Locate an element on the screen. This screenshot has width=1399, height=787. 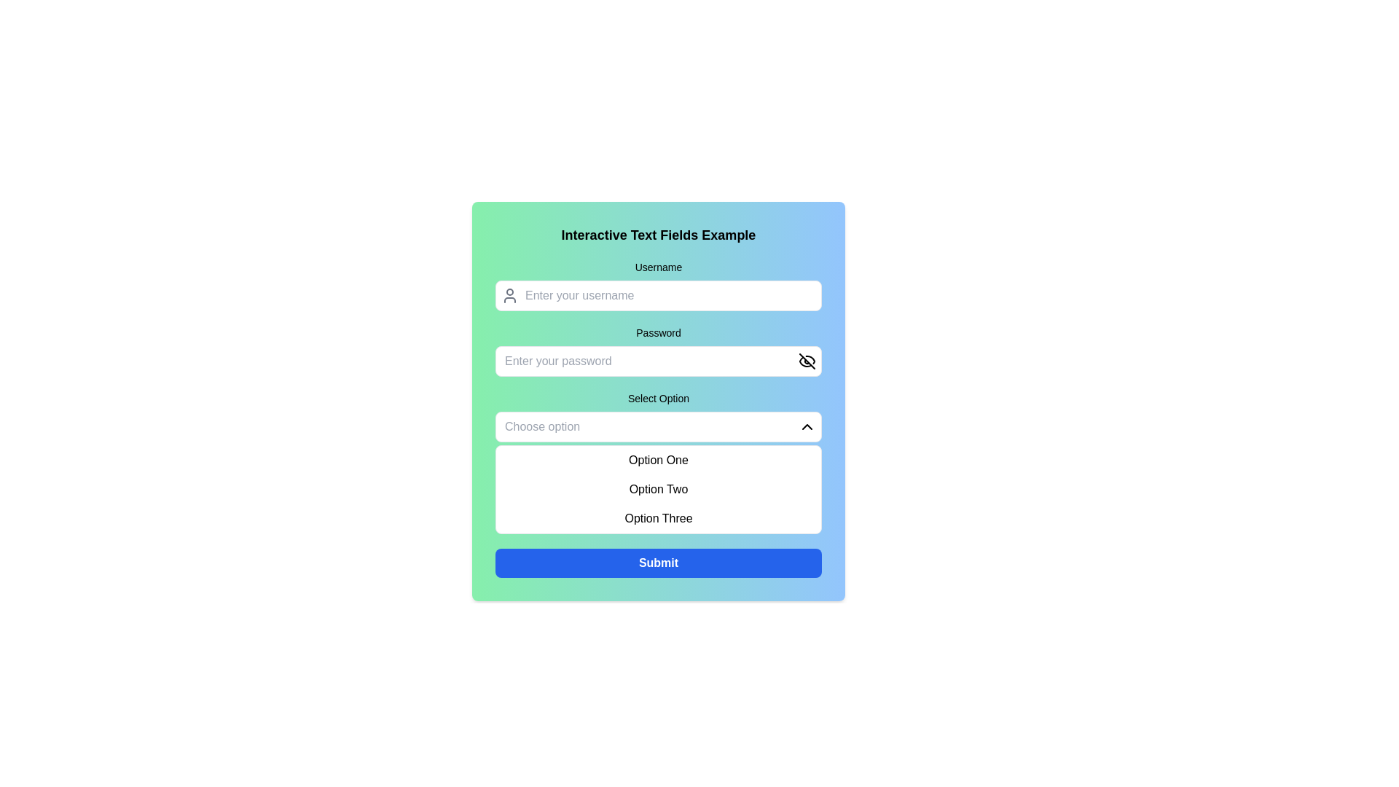
the selectable item labeled 'Option Two' in the dropdown menu is located at coordinates (657, 489).